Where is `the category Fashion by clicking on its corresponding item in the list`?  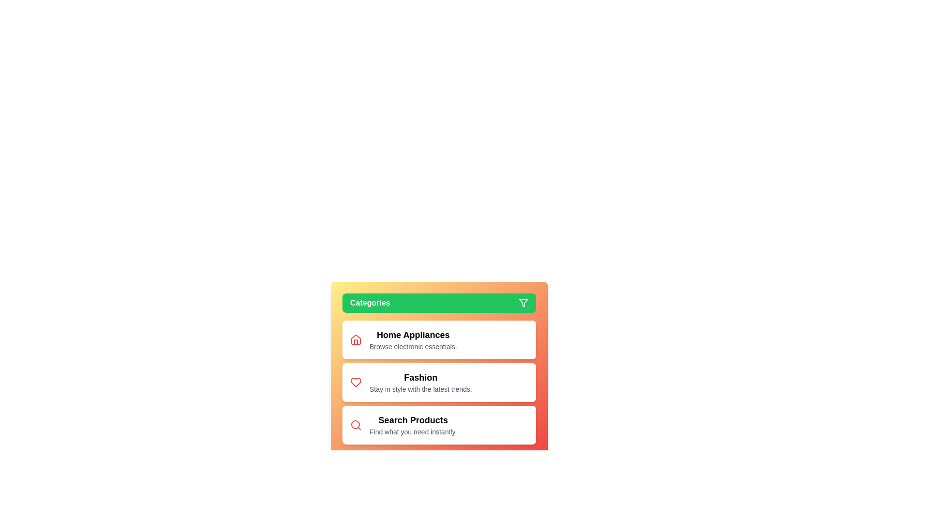 the category Fashion by clicking on its corresponding item in the list is located at coordinates (439, 382).